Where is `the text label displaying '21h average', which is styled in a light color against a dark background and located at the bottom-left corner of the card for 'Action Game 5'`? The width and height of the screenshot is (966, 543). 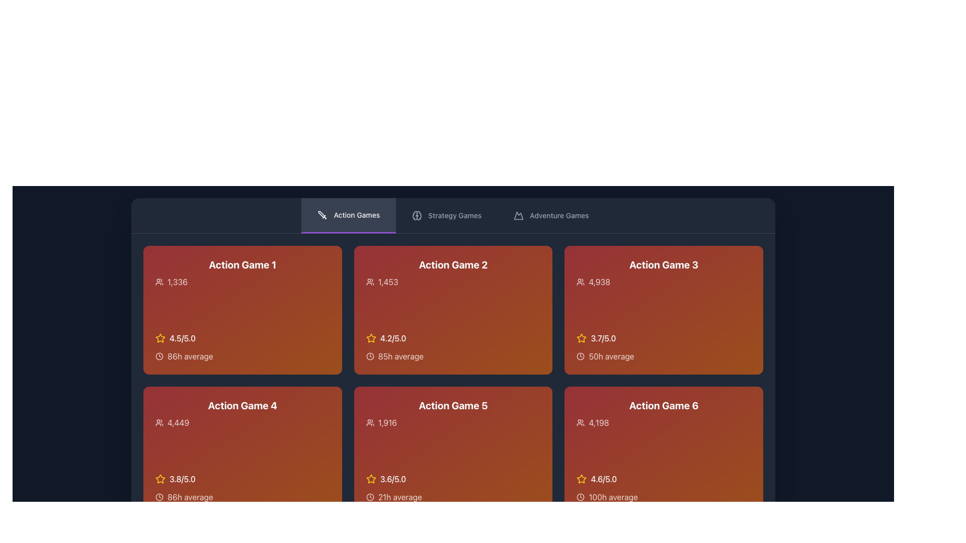
the text label displaying '21h average', which is styled in a light color against a dark background and located at the bottom-left corner of the card for 'Action Game 5' is located at coordinates (399, 496).